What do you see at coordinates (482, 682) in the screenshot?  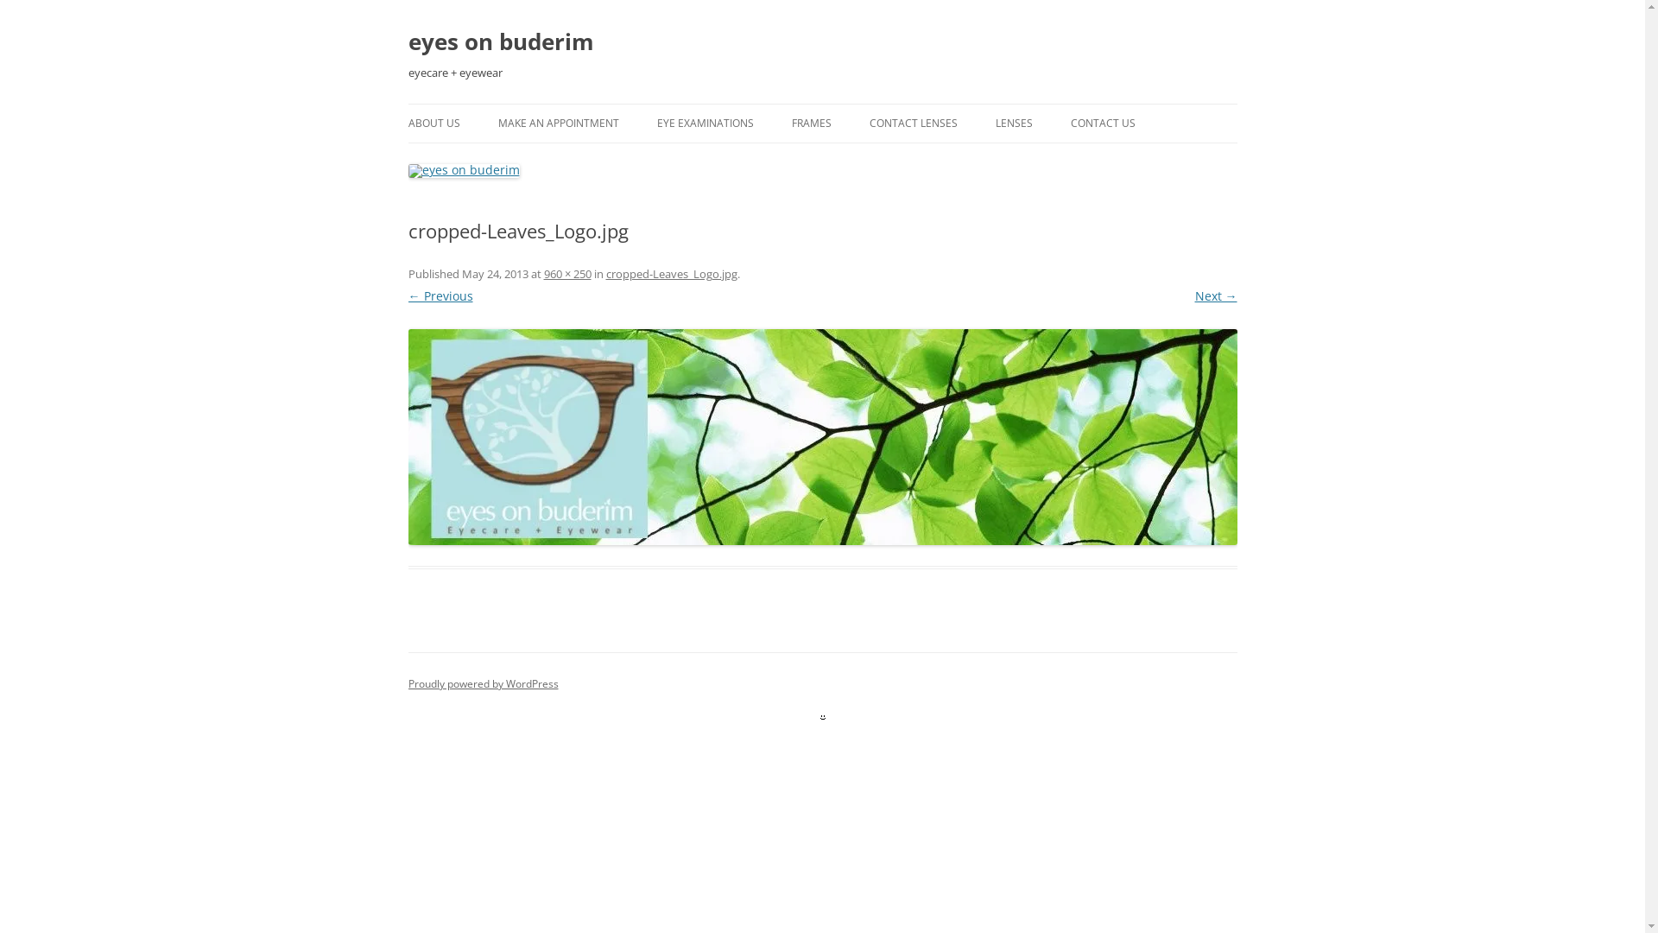 I see `'Proudly powered by WordPress'` at bounding box center [482, 682].